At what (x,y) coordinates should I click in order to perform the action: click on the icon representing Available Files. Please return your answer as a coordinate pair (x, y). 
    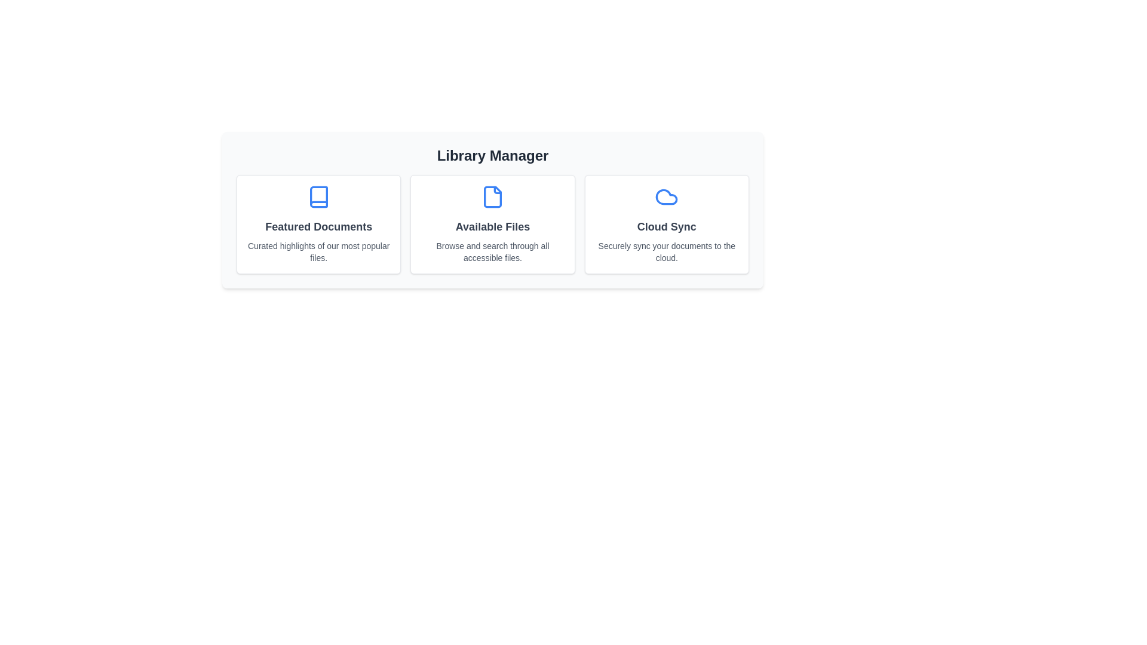
    Looking at the image, I should click on (493, 196).